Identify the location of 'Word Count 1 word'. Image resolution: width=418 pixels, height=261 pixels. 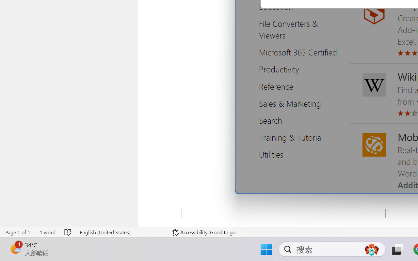
(47, 232).